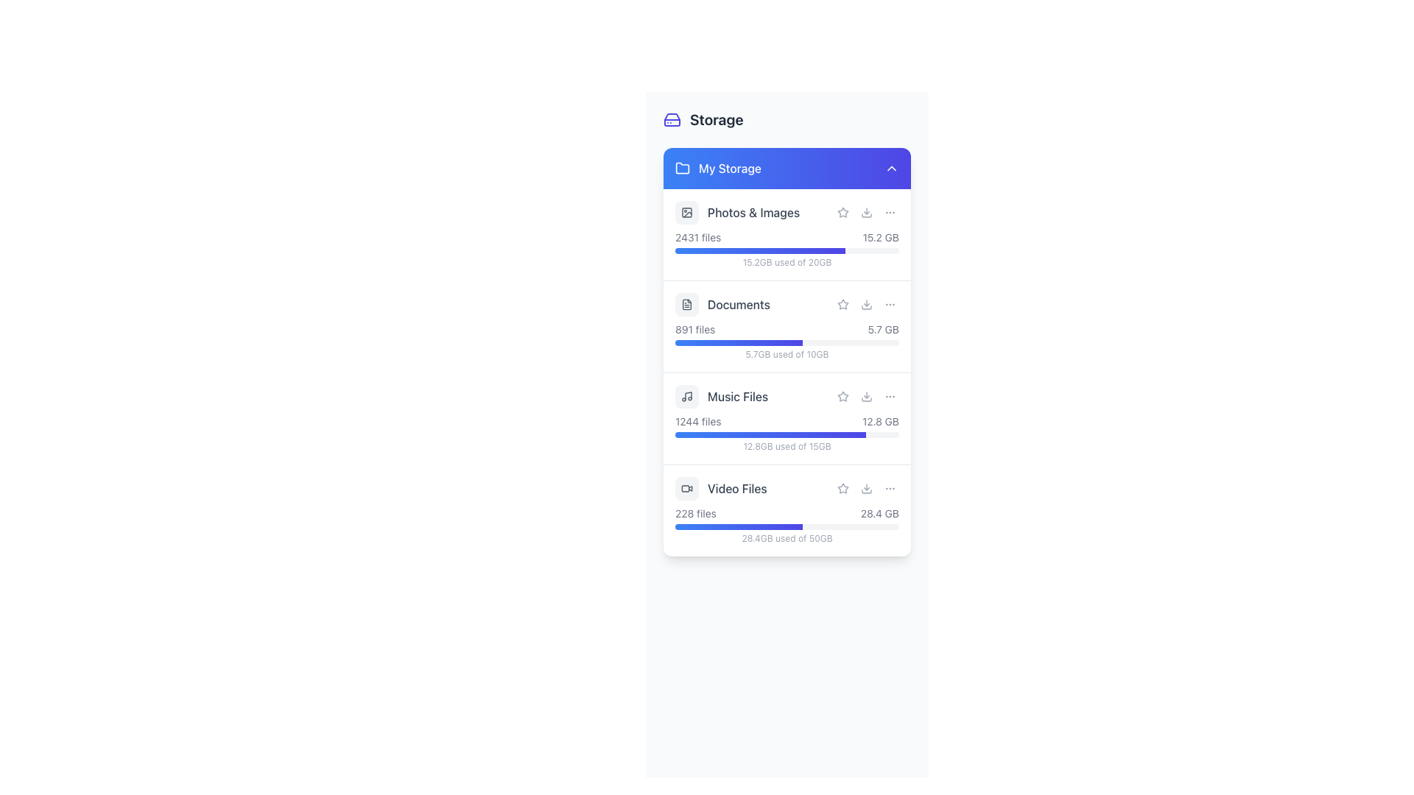  Describe the element at coordinates (787, 341) in the screenshot. I see `the storage usage composite UI component located in the 'Documents' section, which includes a progress bar and usage details` at that location.